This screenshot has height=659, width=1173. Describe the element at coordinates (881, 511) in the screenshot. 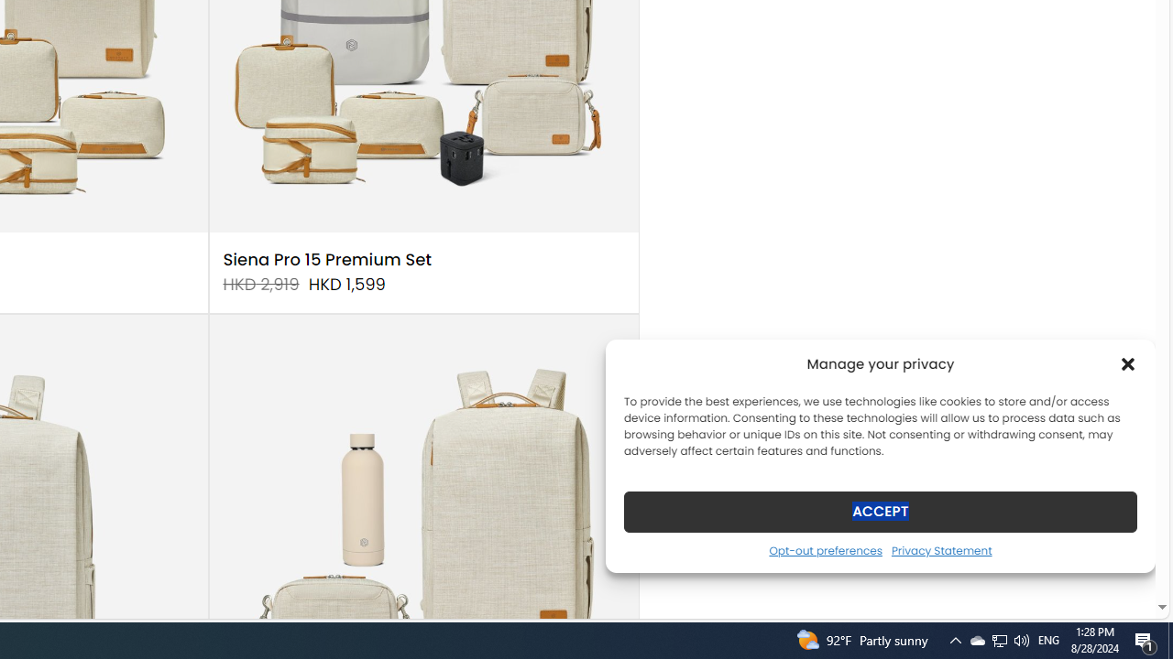

I see `'ACCEPT'` at that location.